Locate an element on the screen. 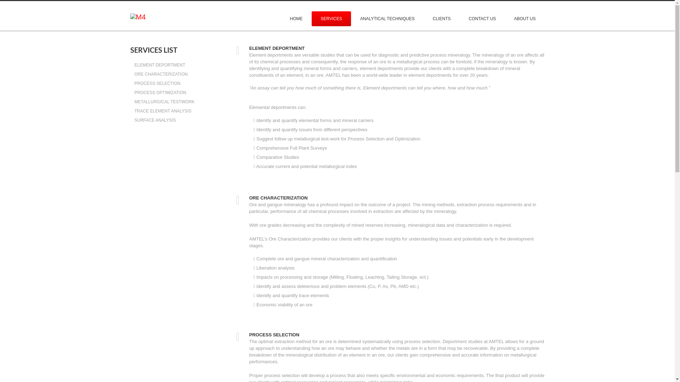 Image resolution: width=680 pixels, height=382 pixels. 'ABOUT US' is located at coordinates (525, 18).